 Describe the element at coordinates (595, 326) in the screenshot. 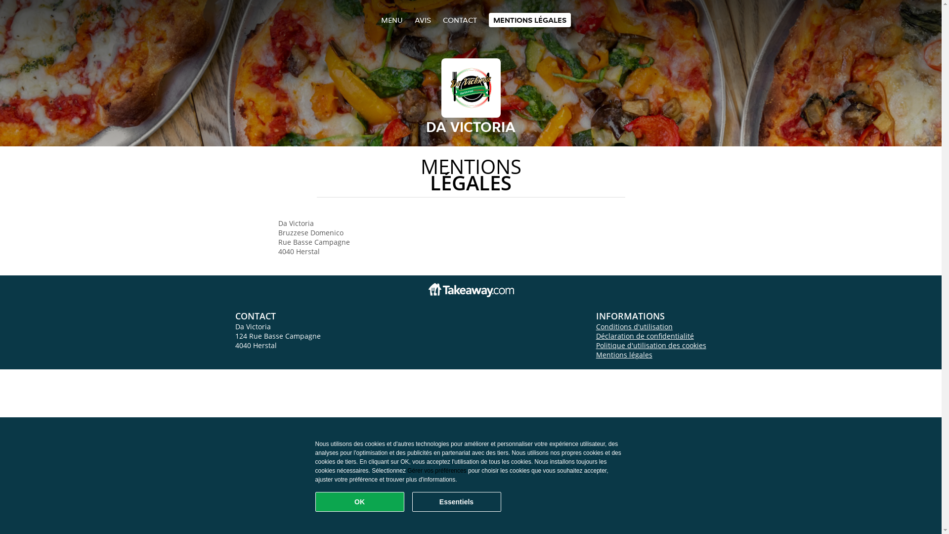

I see `'Conditions d'utilisation'` at that location.